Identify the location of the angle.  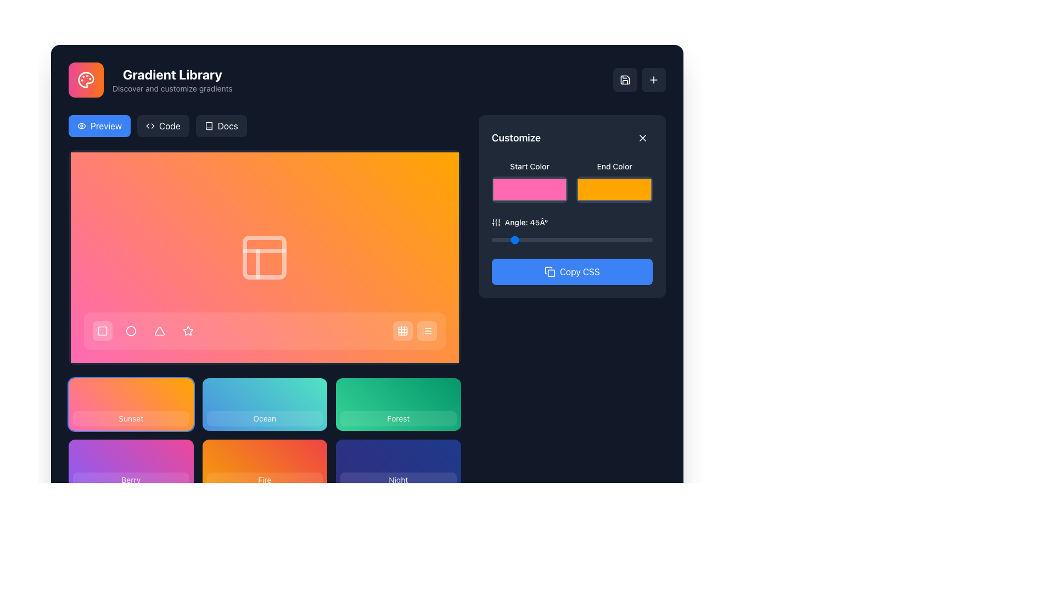
(570, 240).